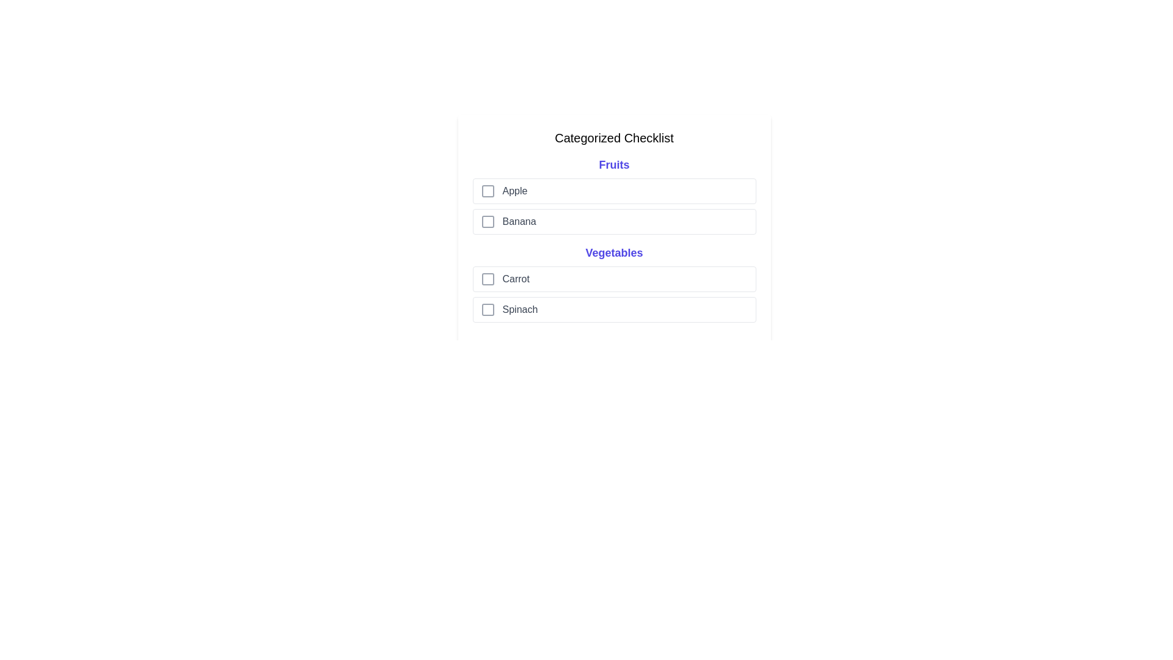  Describe the element at coordinates (614, 137) in the screenshot. I see `the descriptive heading text label located at the top of the card-like structure, which introduces the grouped checklist below it` at that location.